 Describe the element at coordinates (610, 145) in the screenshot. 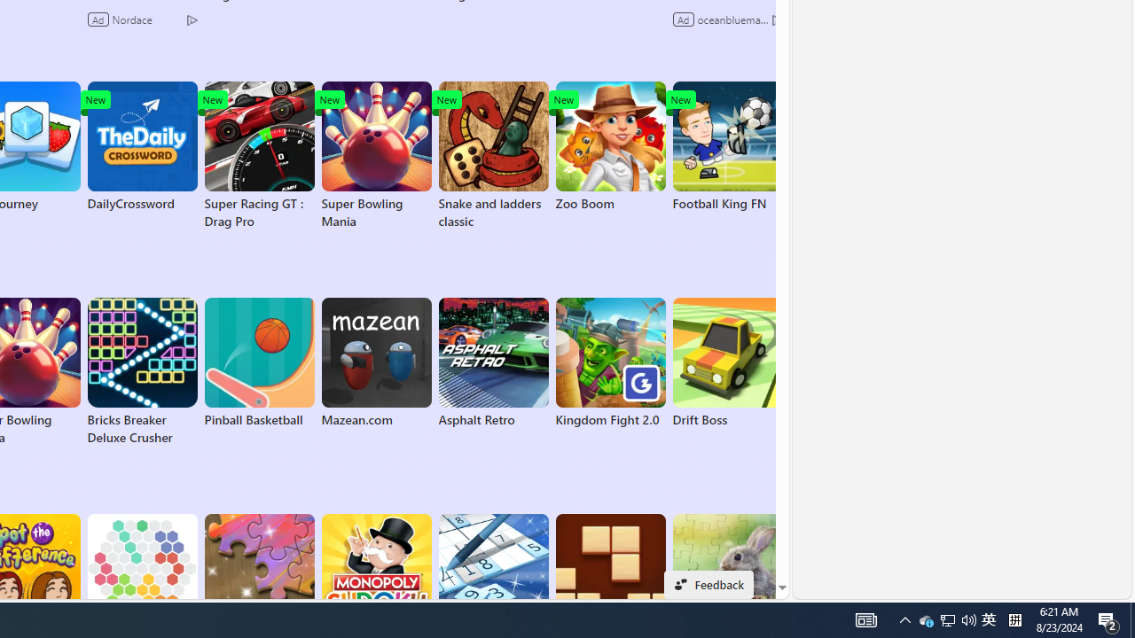

I see `'Zoo Boom'` at that location.